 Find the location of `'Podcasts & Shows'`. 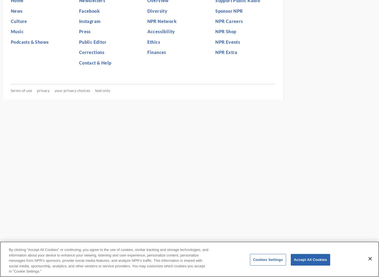

'Podcasts & Shows' is located at coordinates (29, 42).